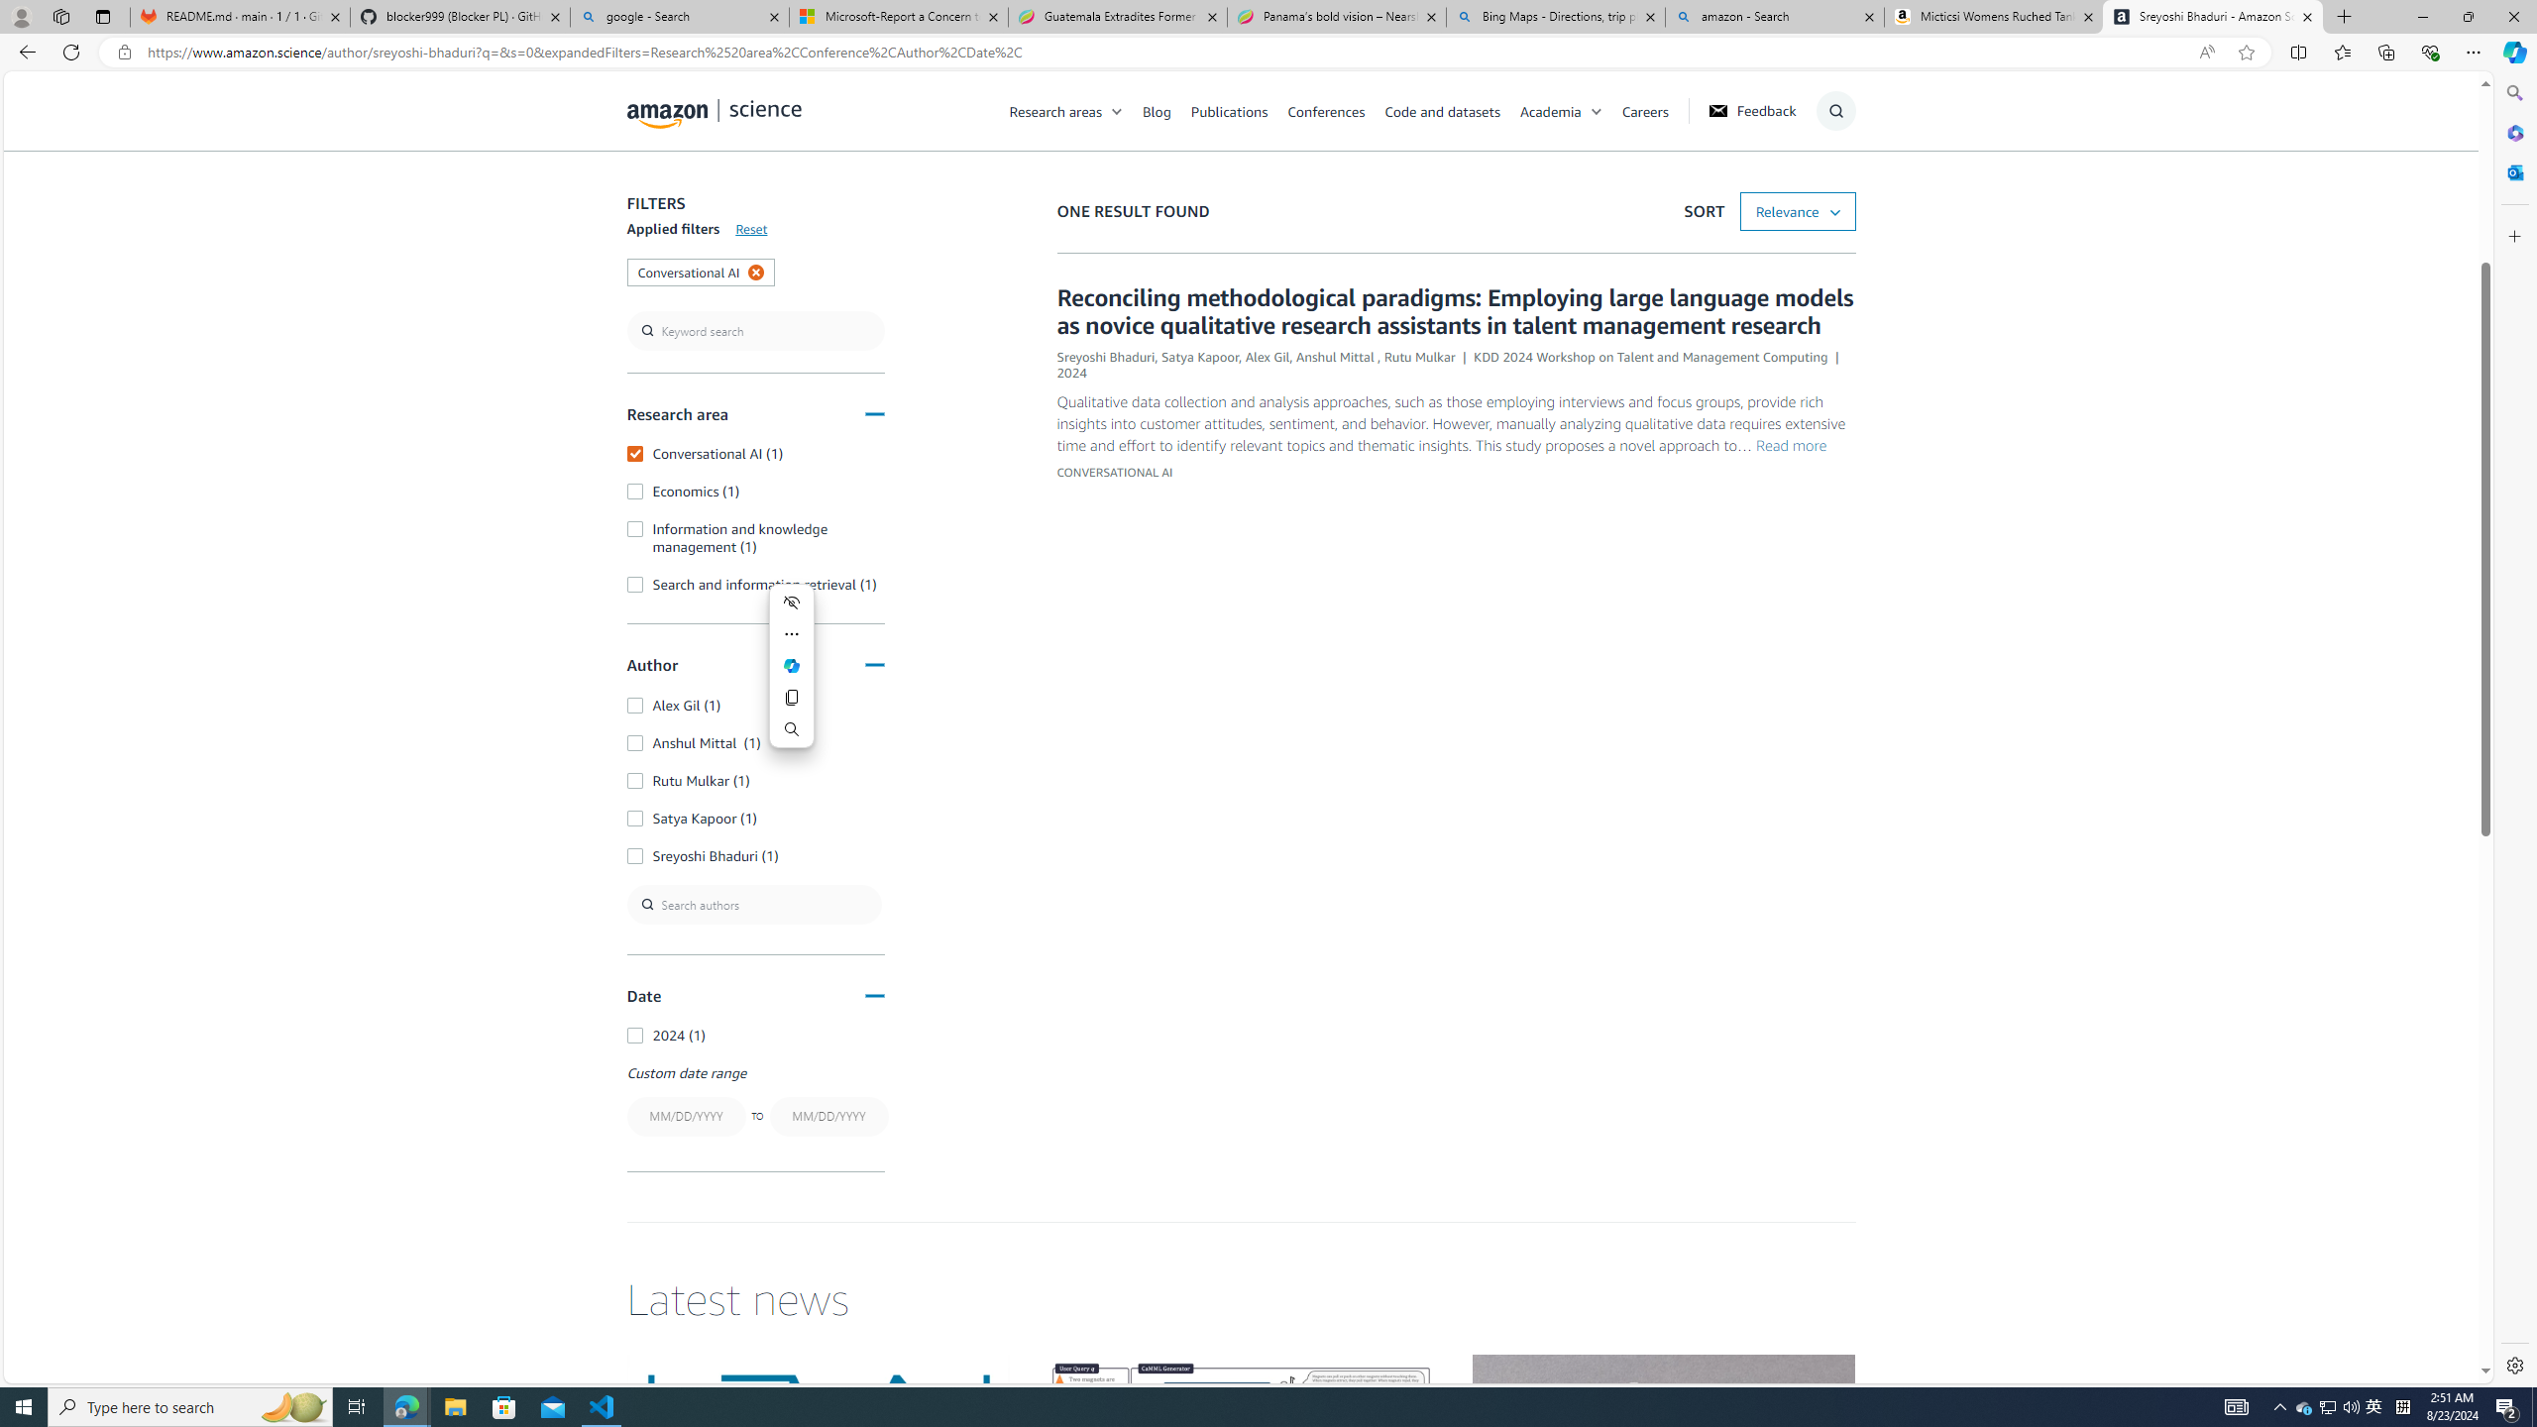  I want to click on 'Blog', so click(1166, 110).